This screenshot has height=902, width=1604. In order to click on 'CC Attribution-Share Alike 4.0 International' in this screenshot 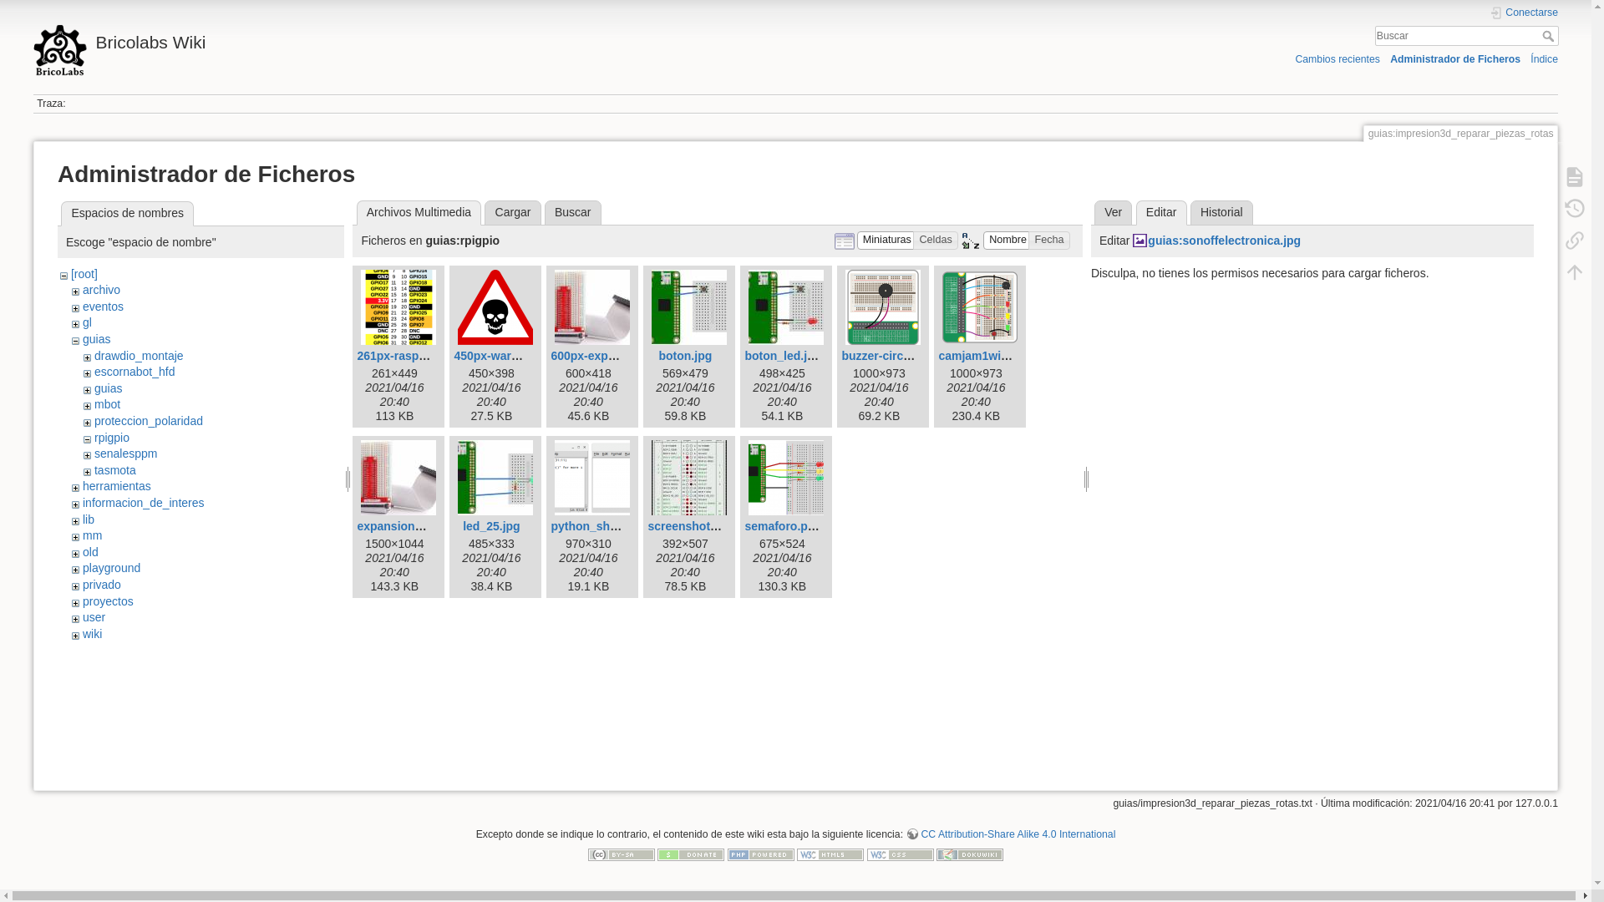, I will do `click(1009, 834)`.